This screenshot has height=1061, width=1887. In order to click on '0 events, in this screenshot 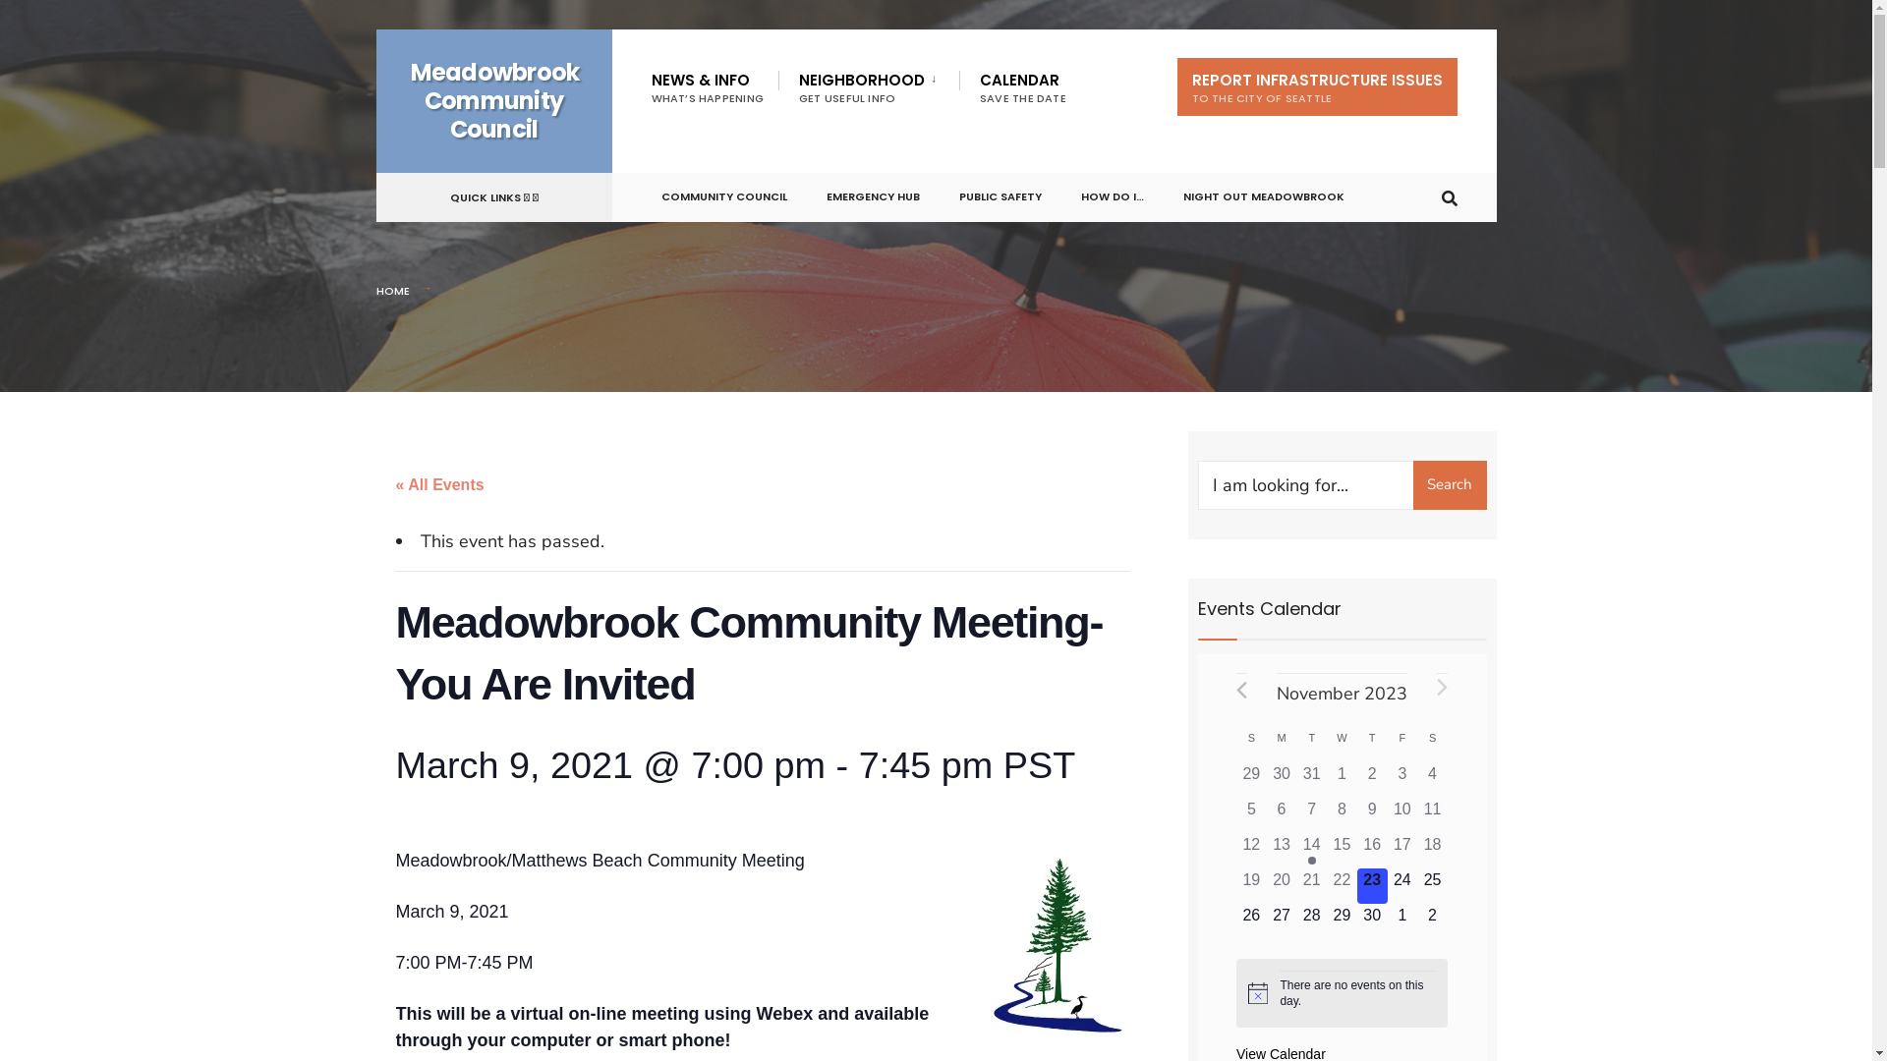, I will do `click(1371, 886)`.